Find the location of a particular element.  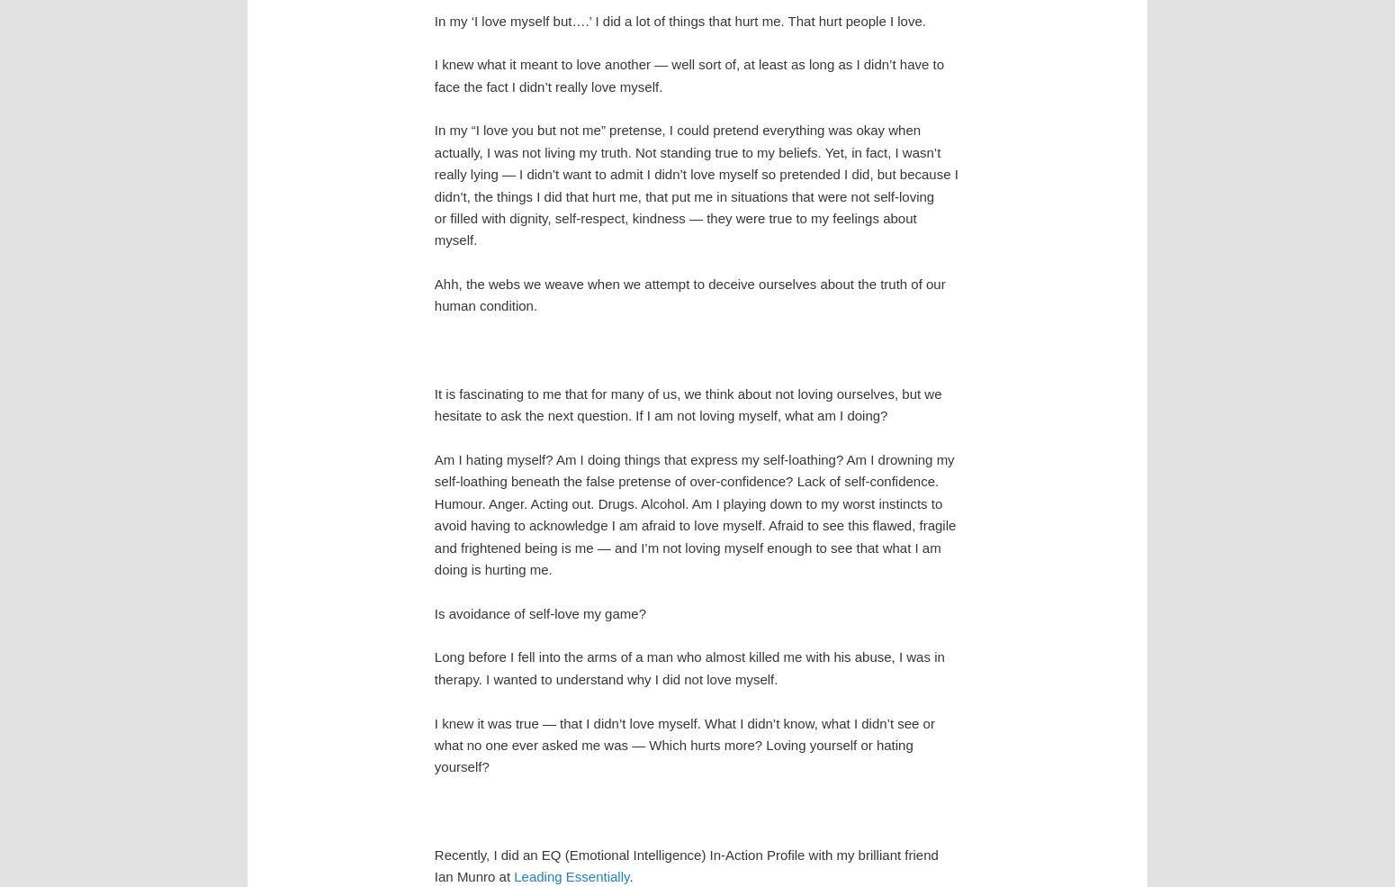

'It is fascinating to me that for many of us, we think about not loving ourselves, but we hesitate to ask the next question. If I am not loving myself, what am I doing?' is located at coordinates (687, 403).